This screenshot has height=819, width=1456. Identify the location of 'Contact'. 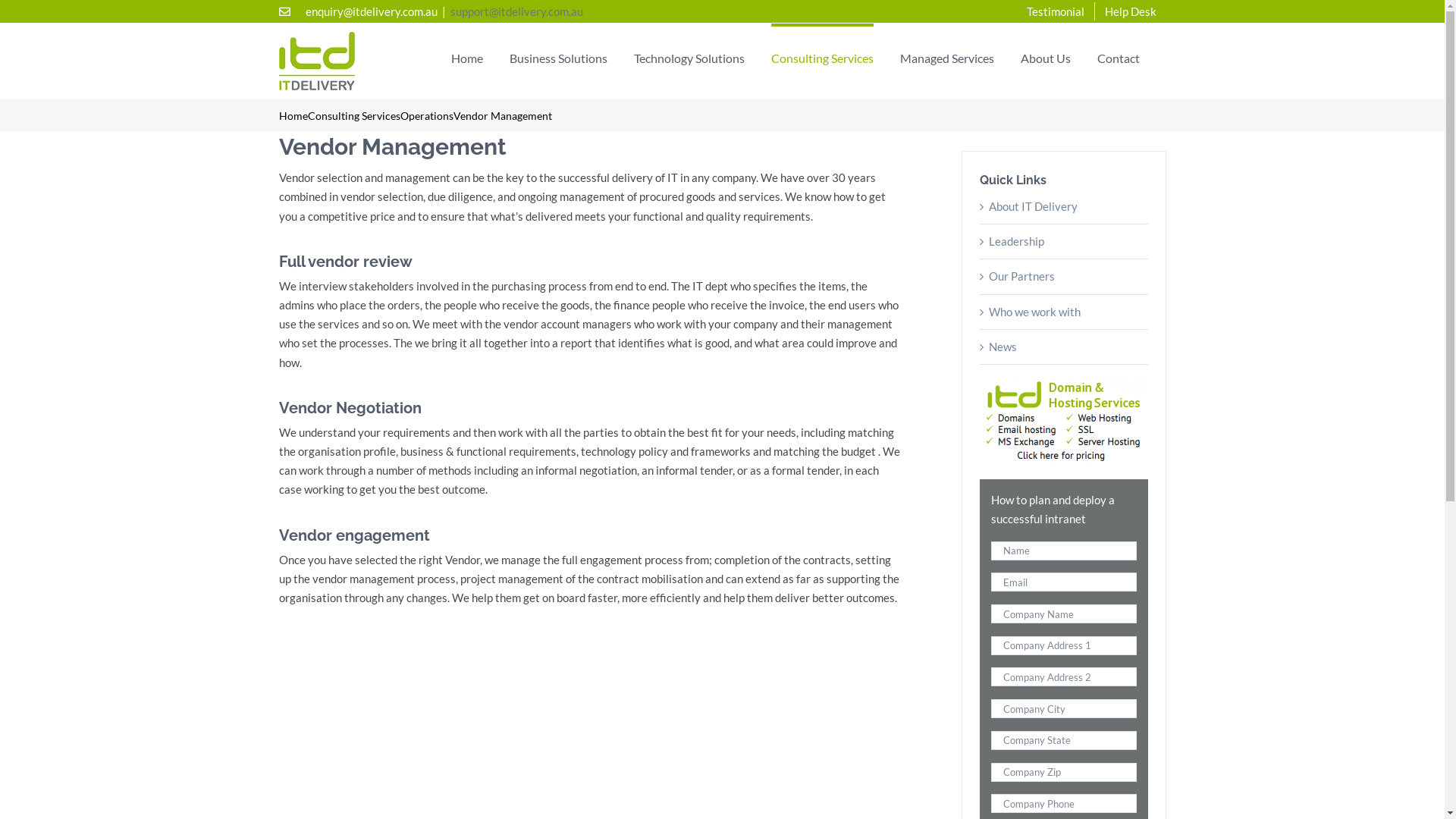
(1117, 55).